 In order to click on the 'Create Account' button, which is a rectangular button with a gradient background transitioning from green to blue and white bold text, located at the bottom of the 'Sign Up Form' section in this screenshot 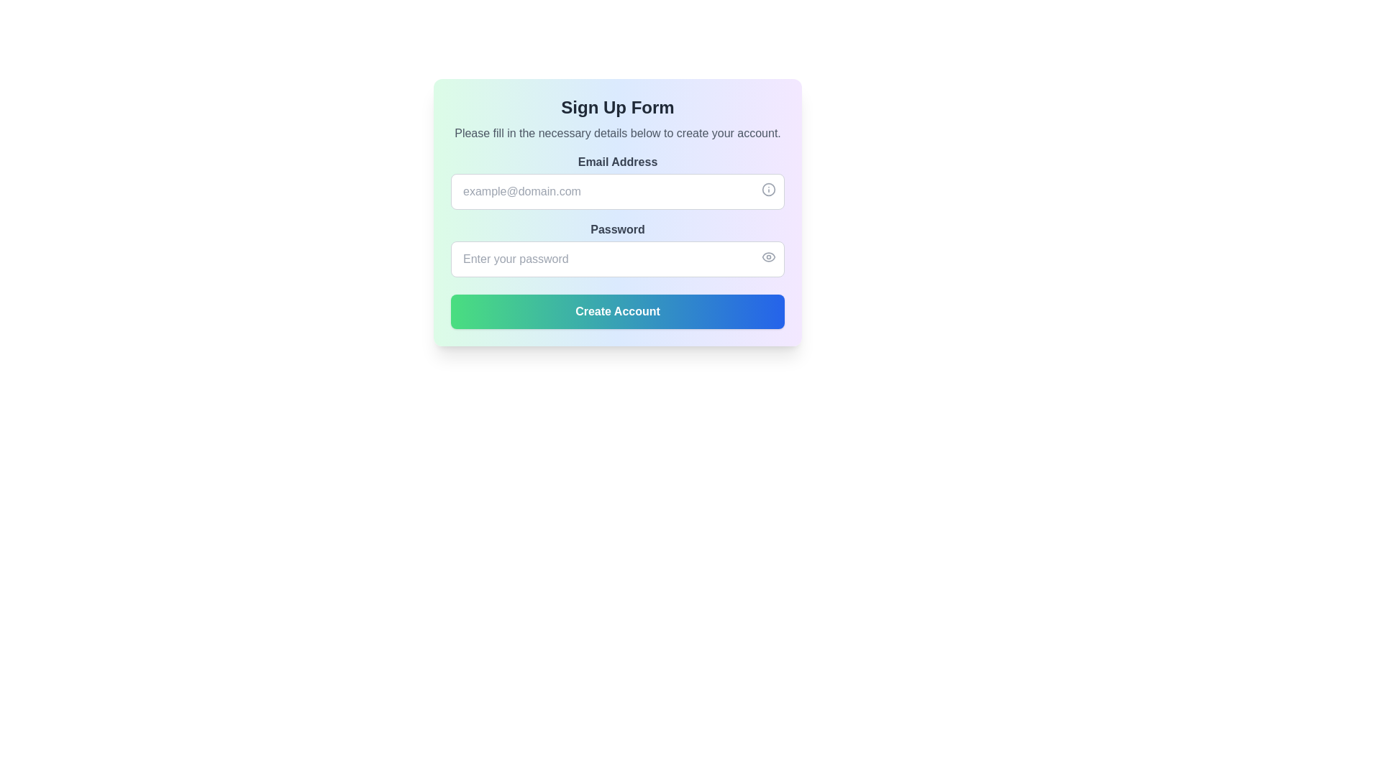, I will do `click(618, 311)`.